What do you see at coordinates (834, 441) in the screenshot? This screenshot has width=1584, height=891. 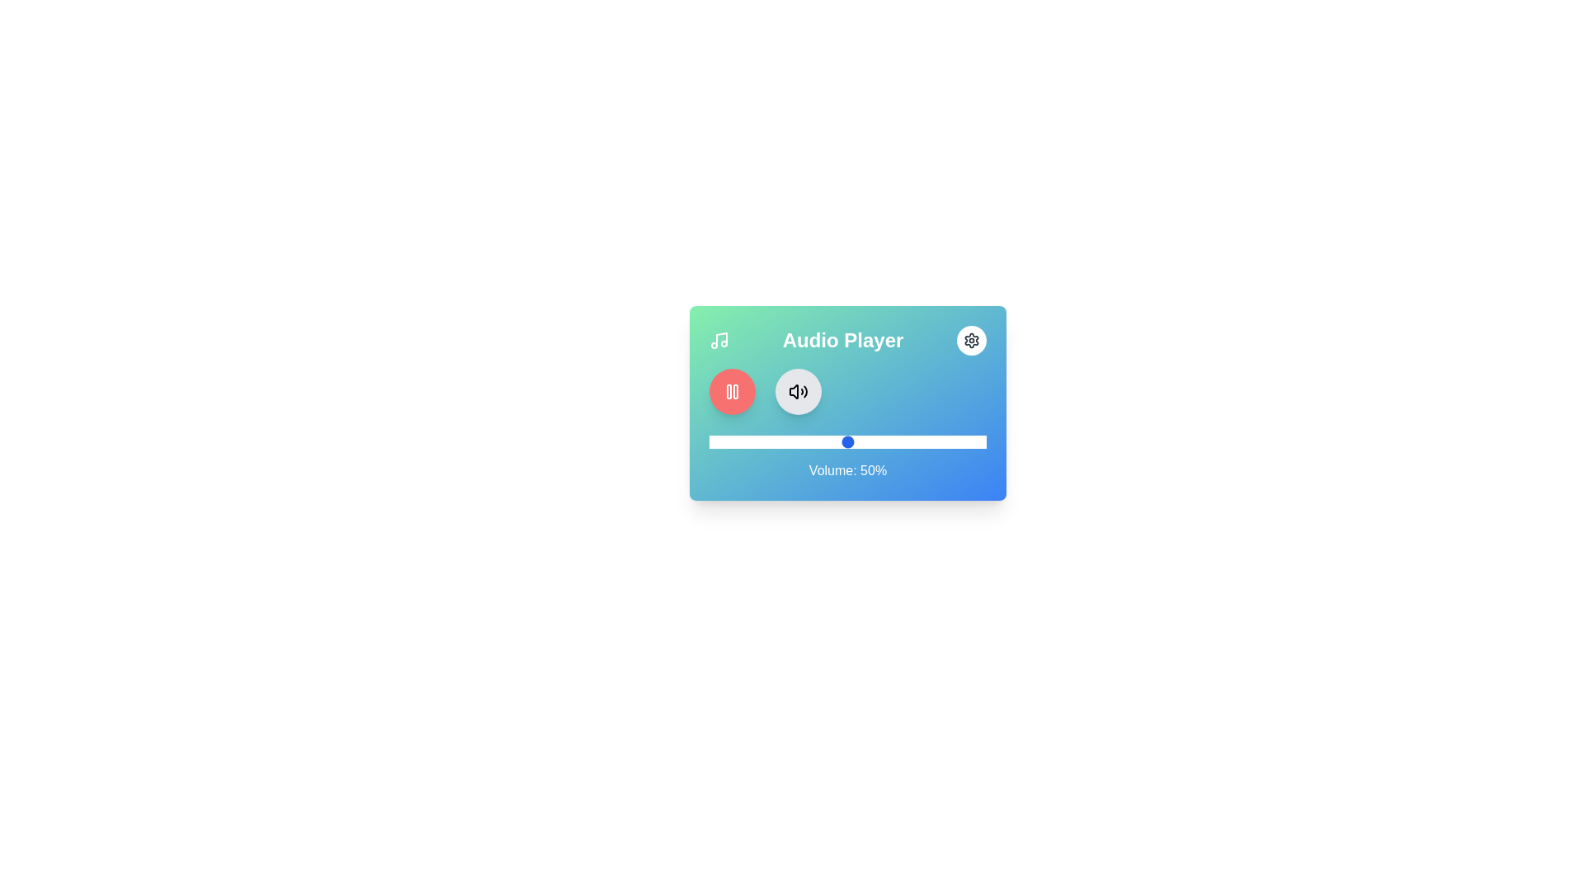 I see `the slider value` at bounding box center [834, 441].